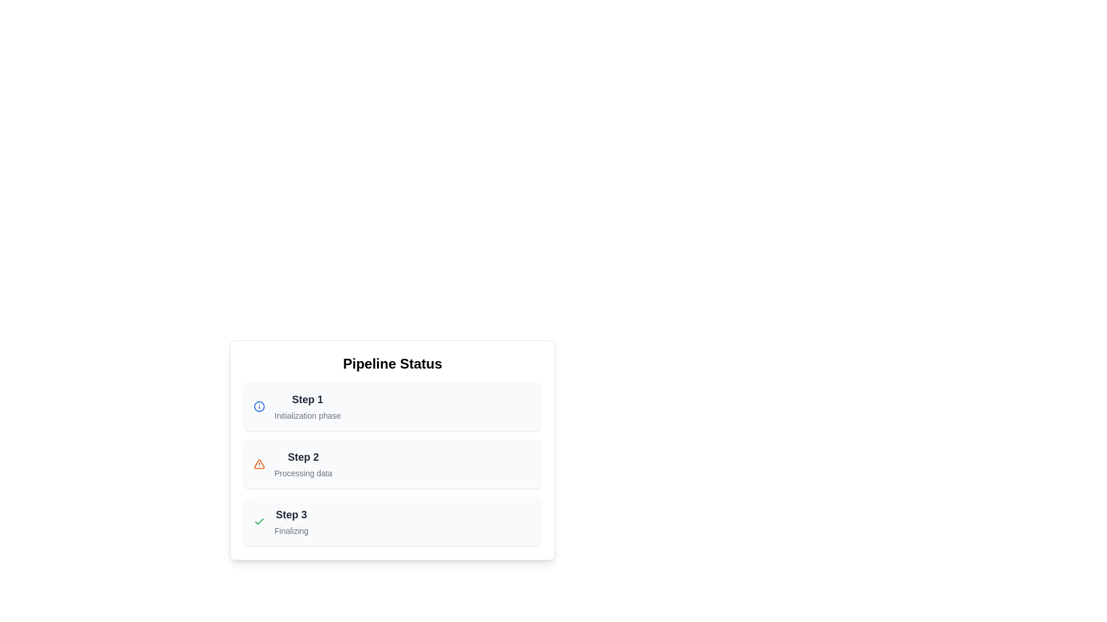 The height and width of the screenshot is (622, 1107). I want to click on the static text label that indicates the system is processing data, which is located beneath 'Step 2' in the sequential pipeline status panel, so click(303, 473).